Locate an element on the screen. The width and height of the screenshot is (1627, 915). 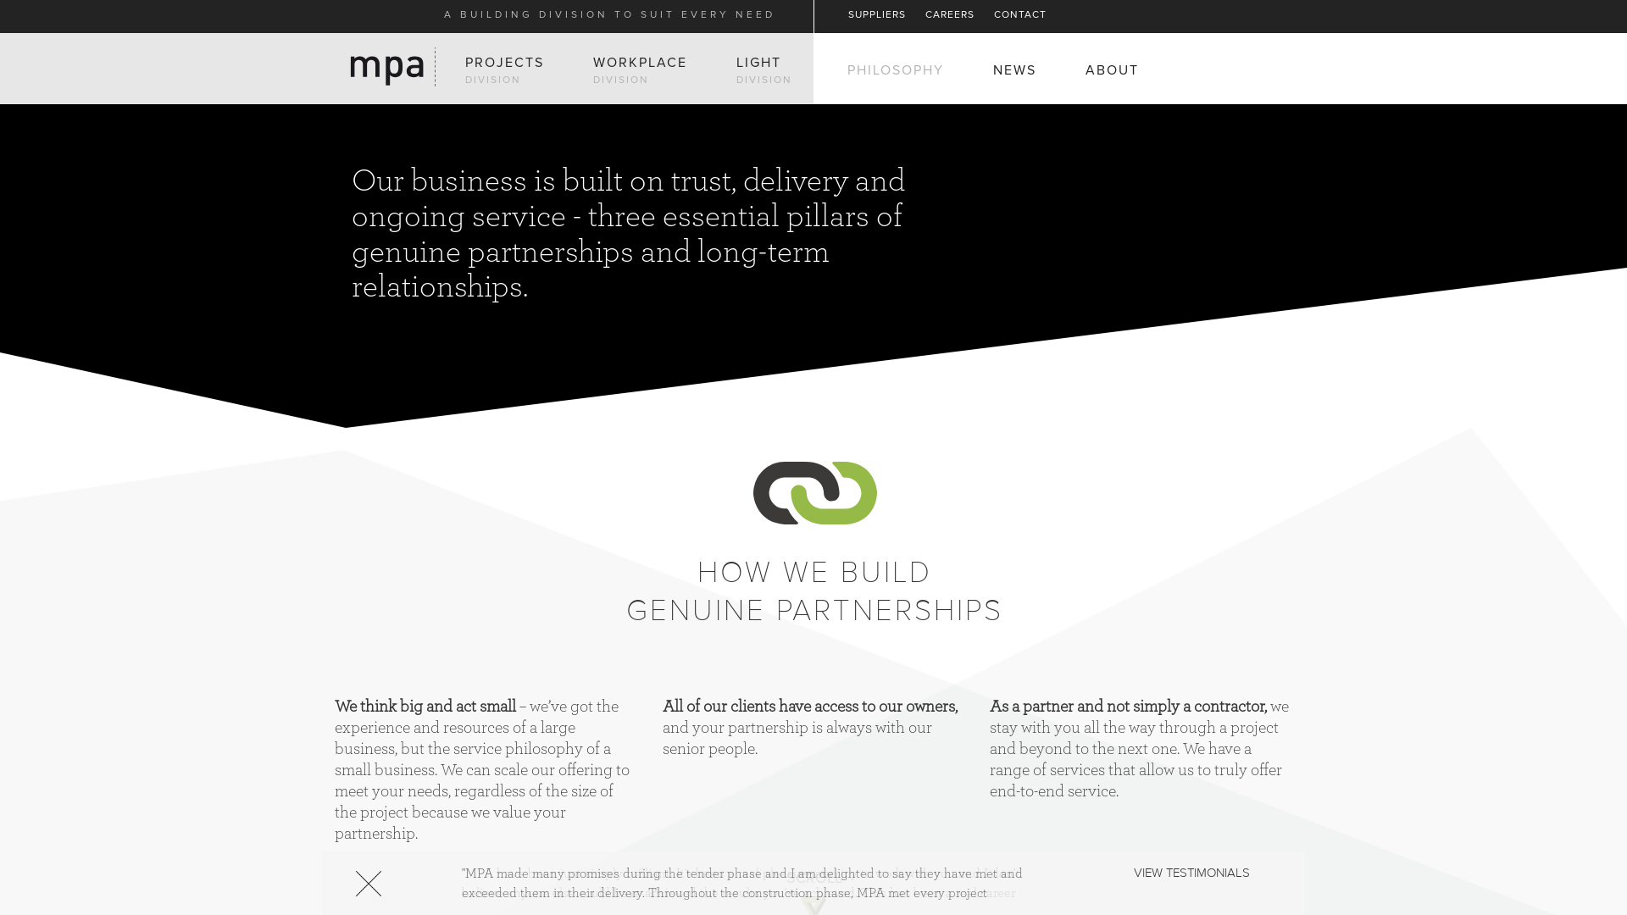
'SUPPLIERS' is located at coordinates (877, 15).